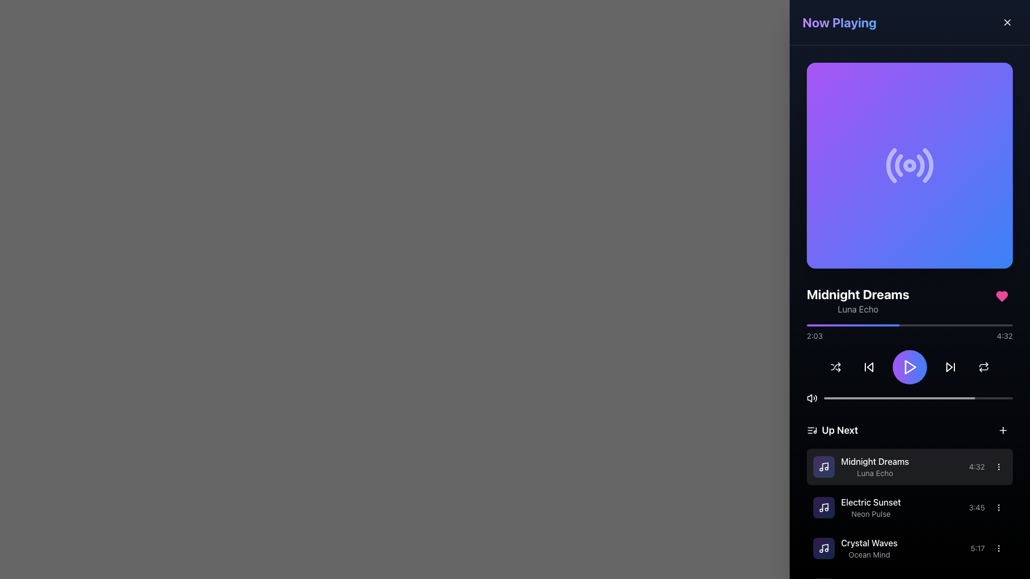  Describe the element at coordinates (950, 367) in the screenshot. I see `the forward-skip button, which is a right-facing triangular icon next to the play button in the control panel, to skip forward in audio or video playback` at that location.